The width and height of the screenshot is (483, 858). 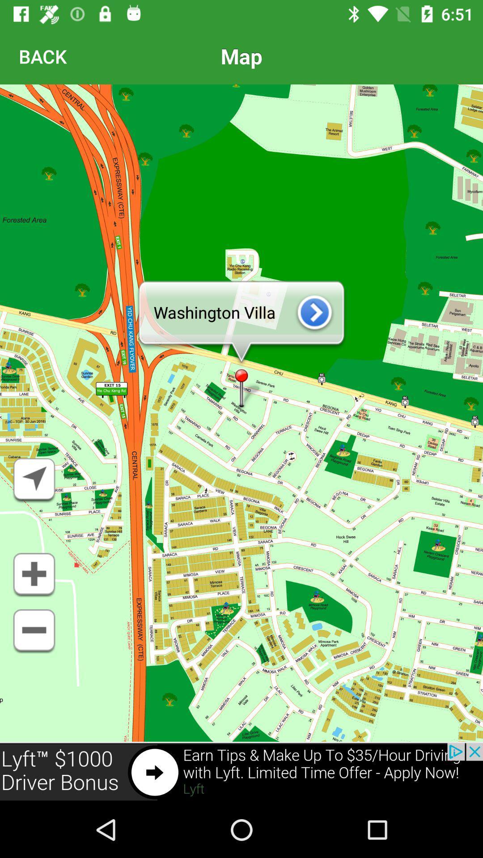 I want to click on zoom in, so click(x=34, y=575).